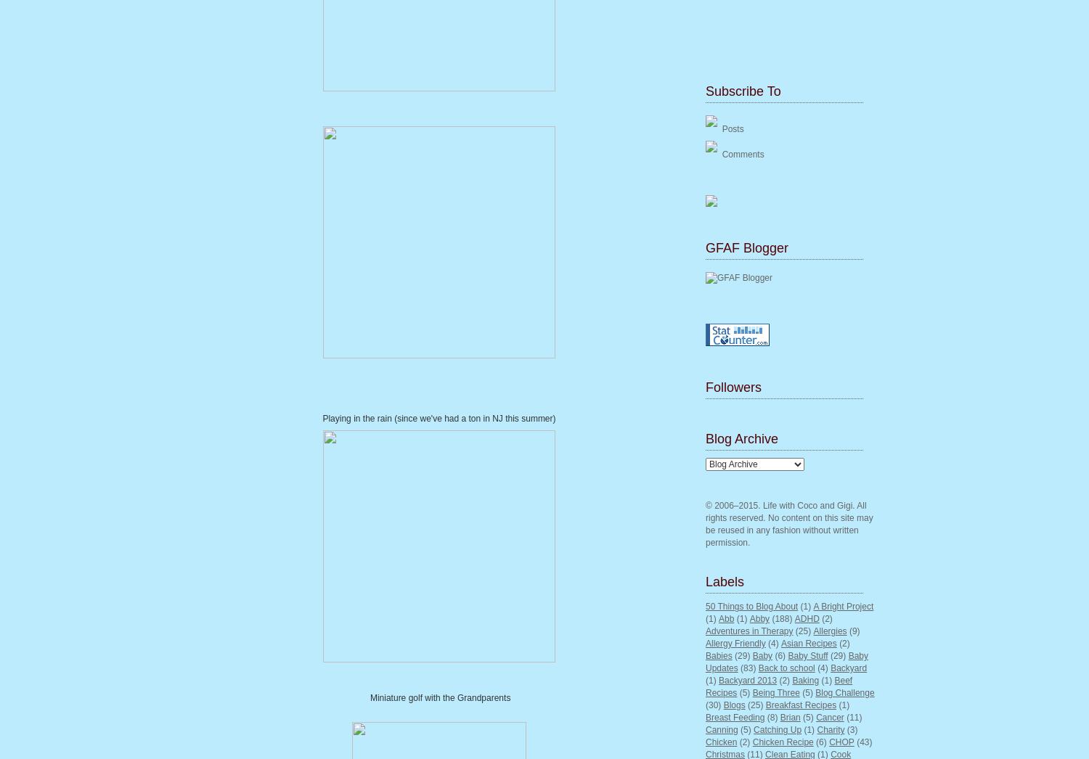  Describe the element at coordinates (815, 716) in the screenshot. I see `'Cancer'` at that location.